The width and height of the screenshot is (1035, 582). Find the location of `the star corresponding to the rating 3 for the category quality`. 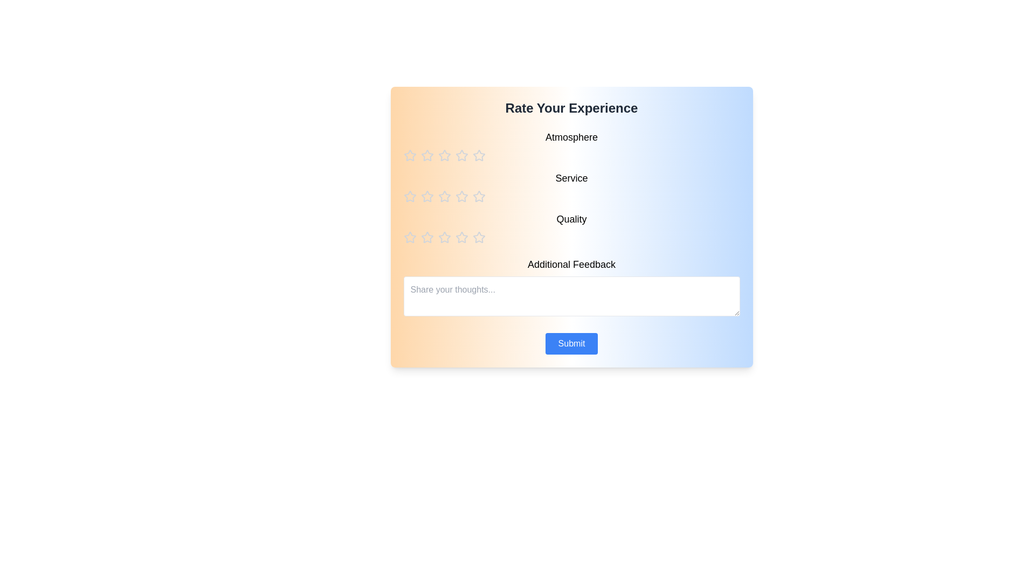

the star corresponding to the rating 3 for the category quality is located at coordinates (444, 237).